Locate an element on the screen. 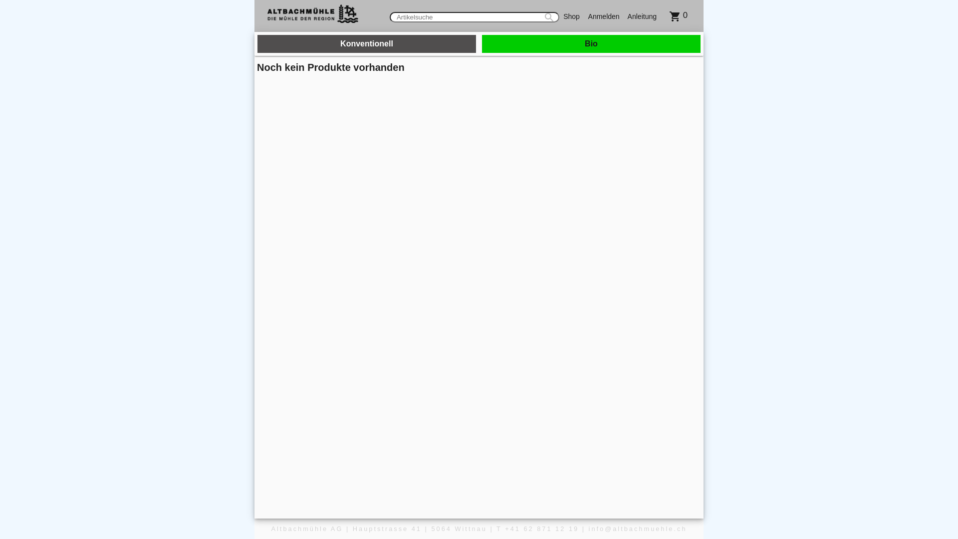 The height and width of the screenshot is (539, 958). 'search' is located at coordinates (538, 17).